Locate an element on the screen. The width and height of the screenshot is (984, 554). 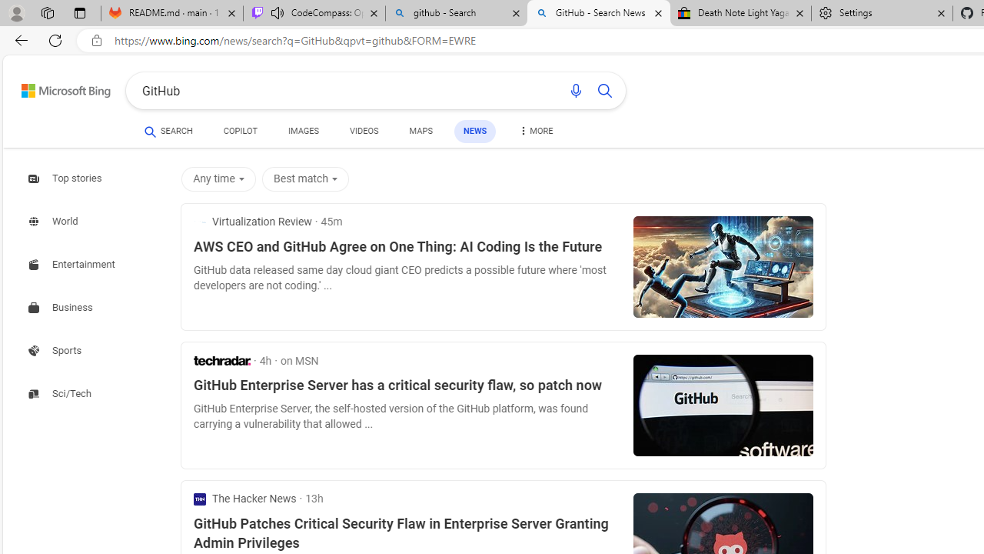
'Best match' is located at coordinates (305, 178).